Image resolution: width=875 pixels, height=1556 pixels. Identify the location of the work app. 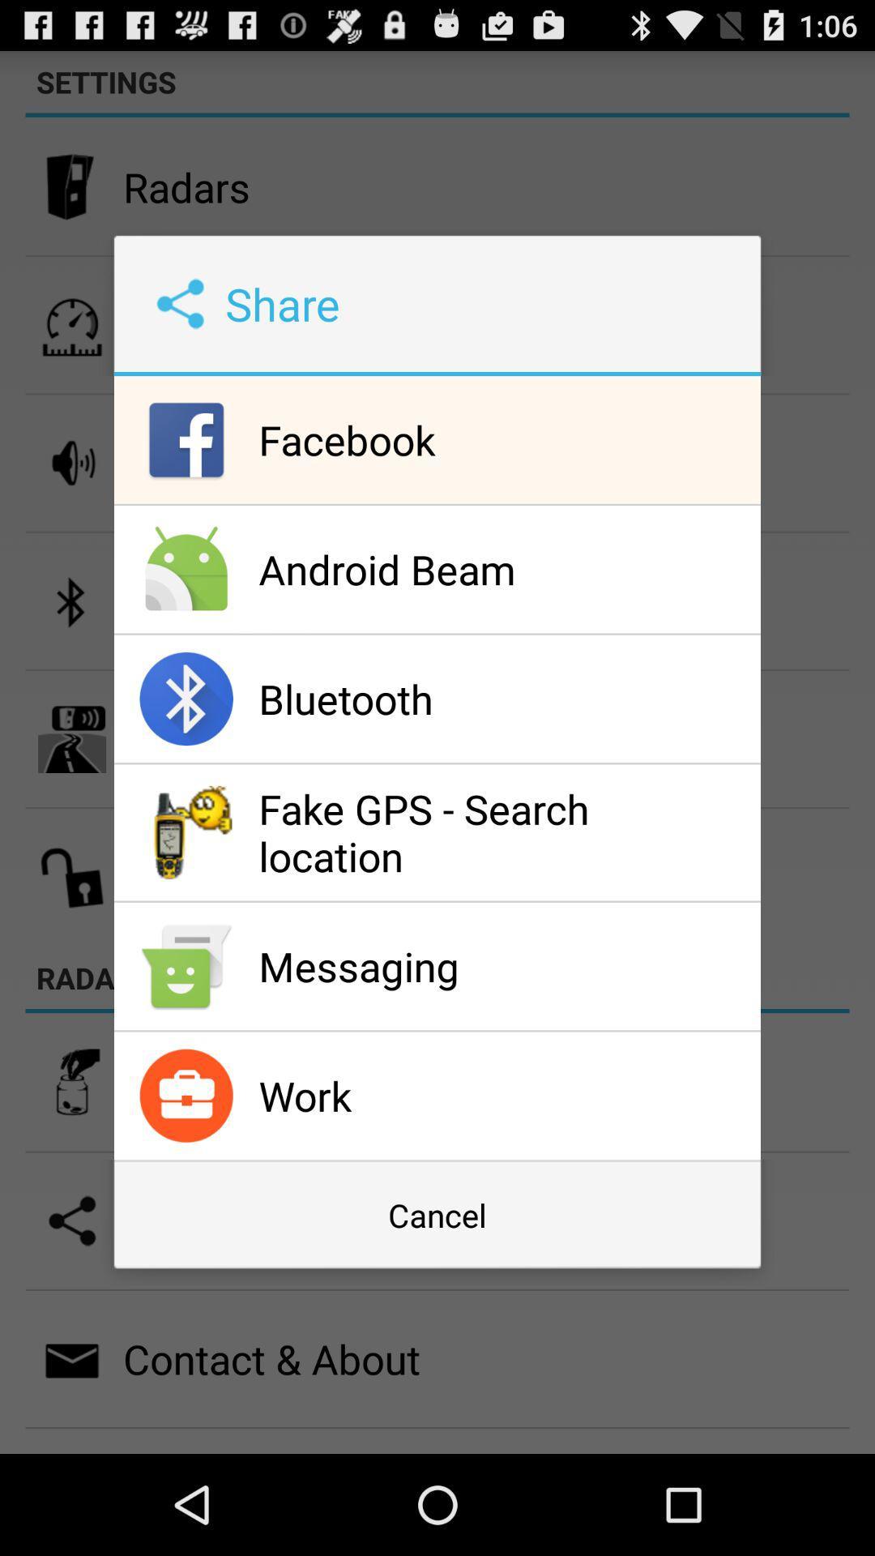
(505, 1096).